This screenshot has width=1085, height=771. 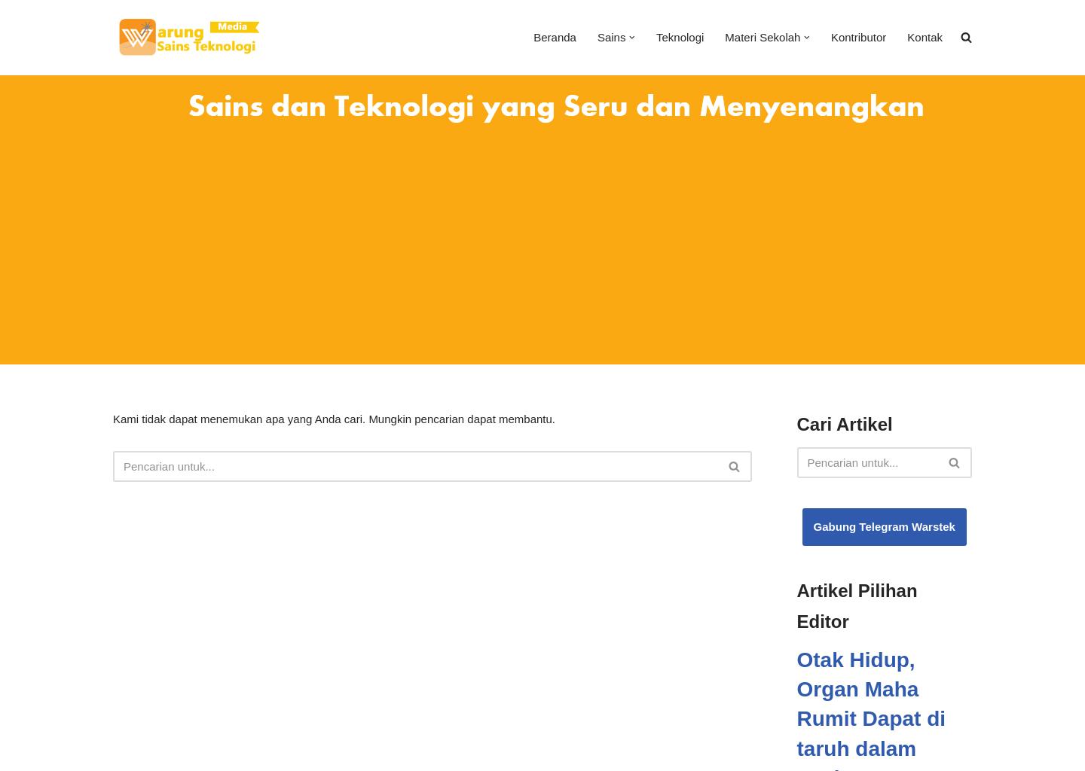 What do you see at coordinates (884, 526) in the screenshot?
I see `'Gabung Telegram Warstek'` at bounding box center [884, 526].